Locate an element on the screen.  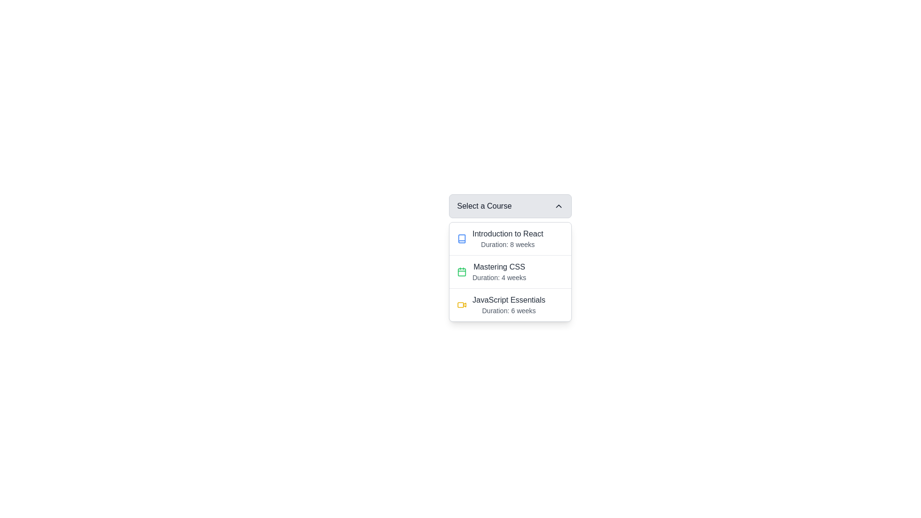
the text label displaying 'JavaScript Essentials', which is the prominent title of the course in the course listing interface is located at coordinates (508, 299).